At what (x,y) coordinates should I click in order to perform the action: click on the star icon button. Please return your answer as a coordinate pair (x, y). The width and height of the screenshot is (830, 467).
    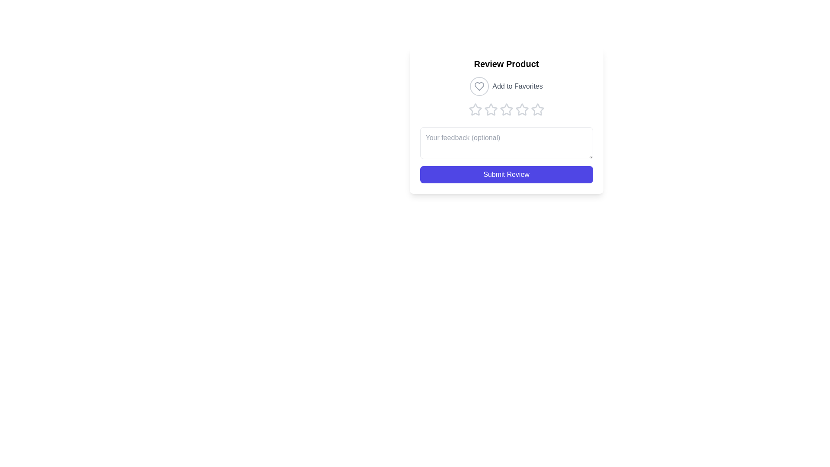
    Looking at the image, I should click on (475, 109).